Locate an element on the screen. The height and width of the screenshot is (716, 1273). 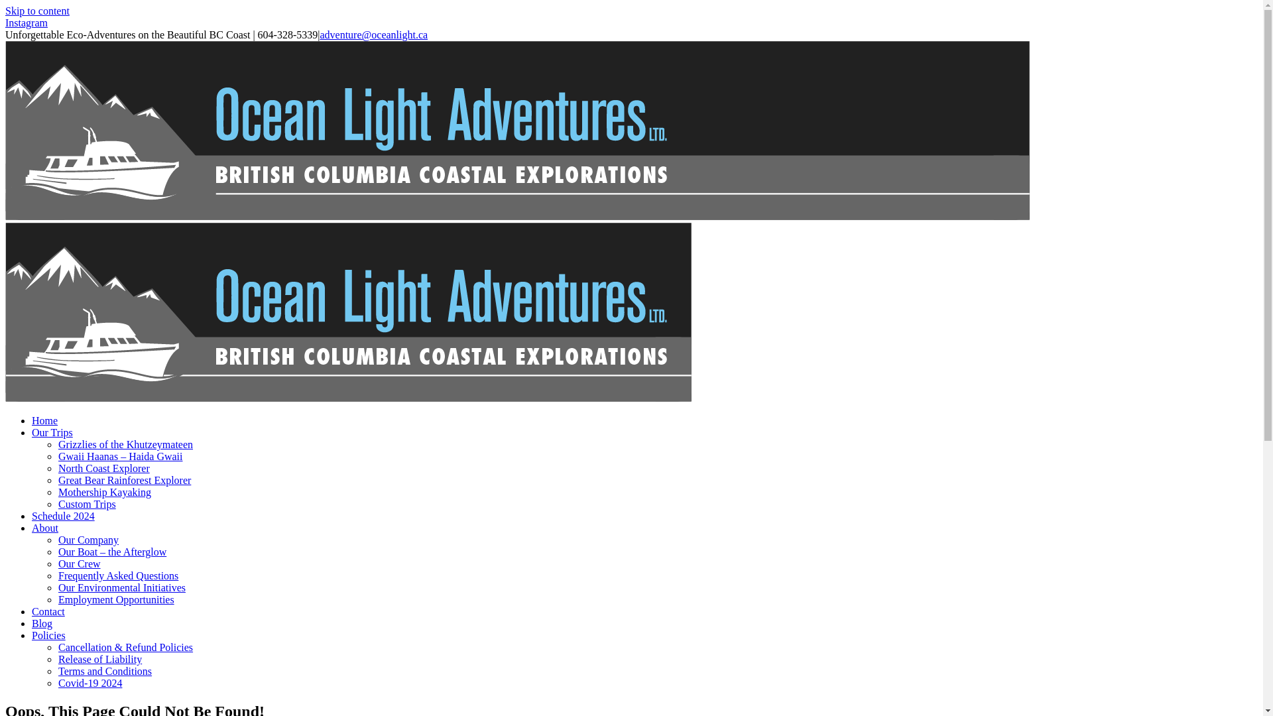
'Skip to content' is located at coordinates (37, 11).